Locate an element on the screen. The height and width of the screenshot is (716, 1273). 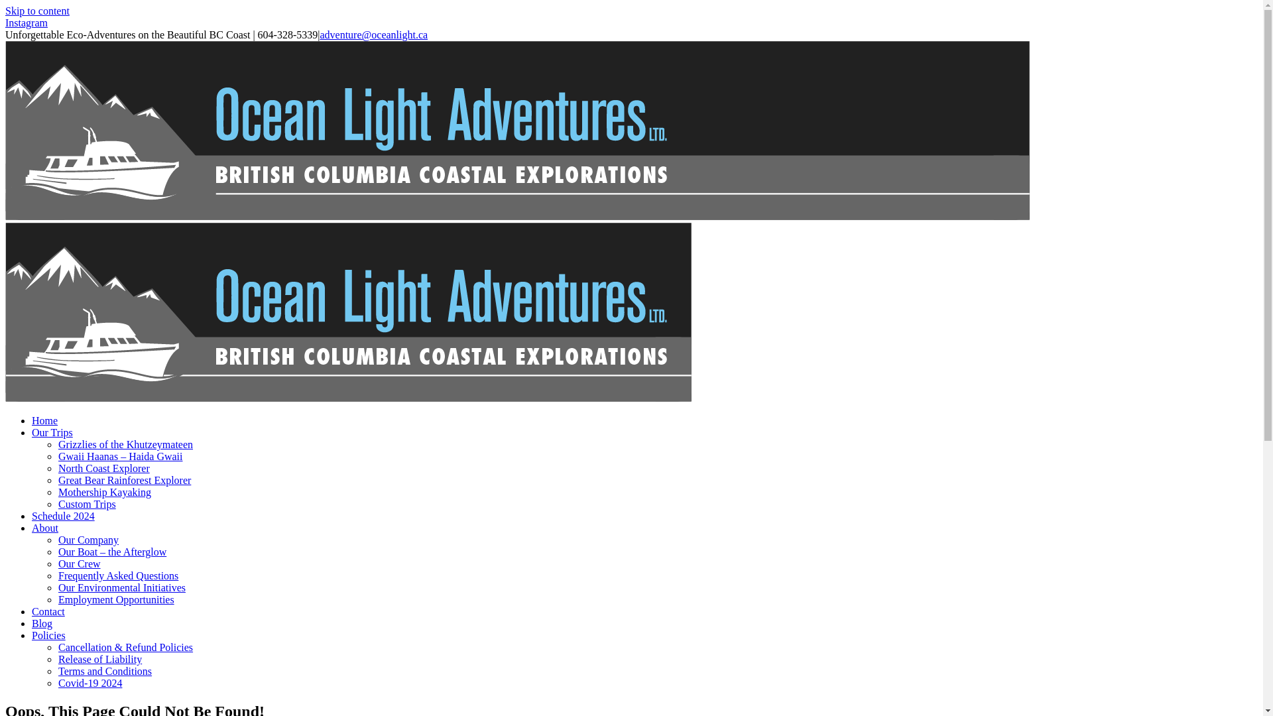
'Skip to content' is located at coordinates (37, 11).